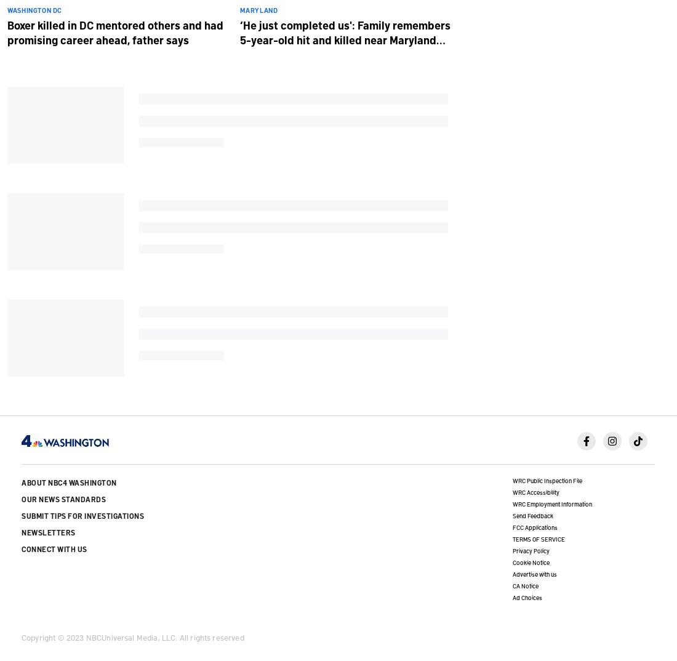  Describe the element at coordinates (20, 547) in the screenshot. I see `'Connect With Us'` at that location.